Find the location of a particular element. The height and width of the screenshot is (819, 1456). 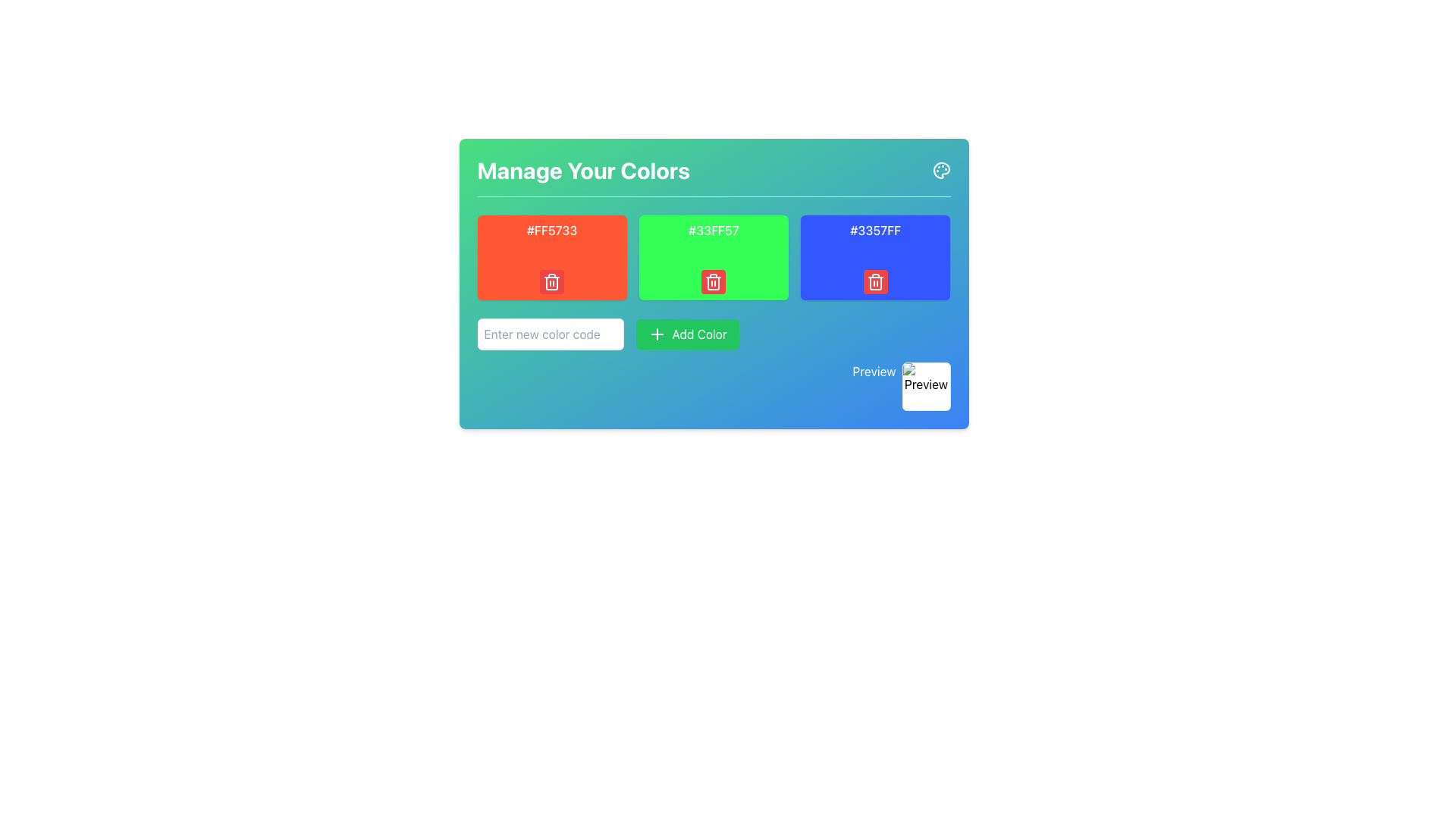

the trash can icon button, which is styled with red fill and white outlines, located inside the third box associated with the color code #3357FF, below the 'Manage Your Colors' heading is located at coordinates (875, 281).